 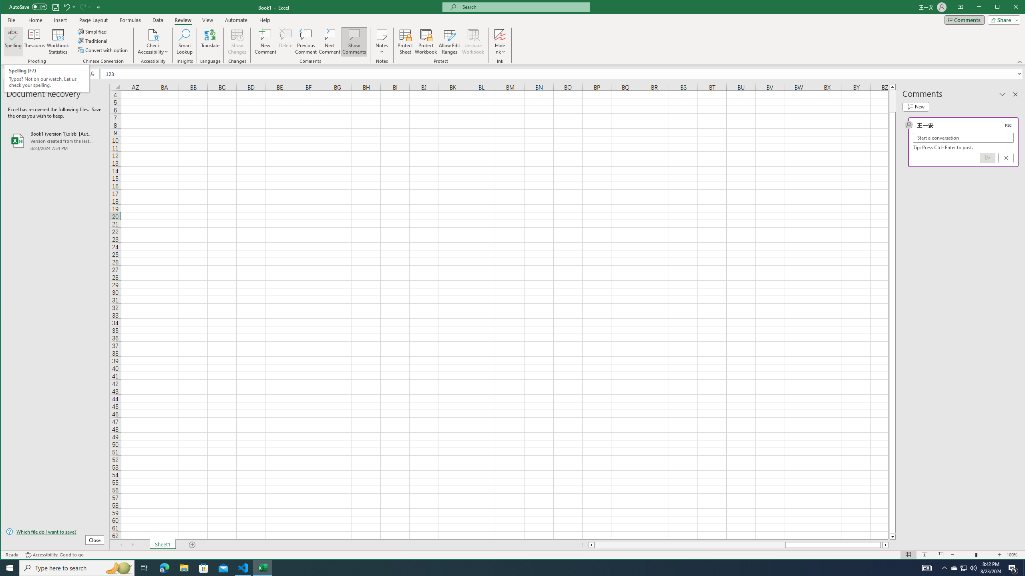 I want to click on 'User Promoted Notification Area', so click(x=963, y=567).